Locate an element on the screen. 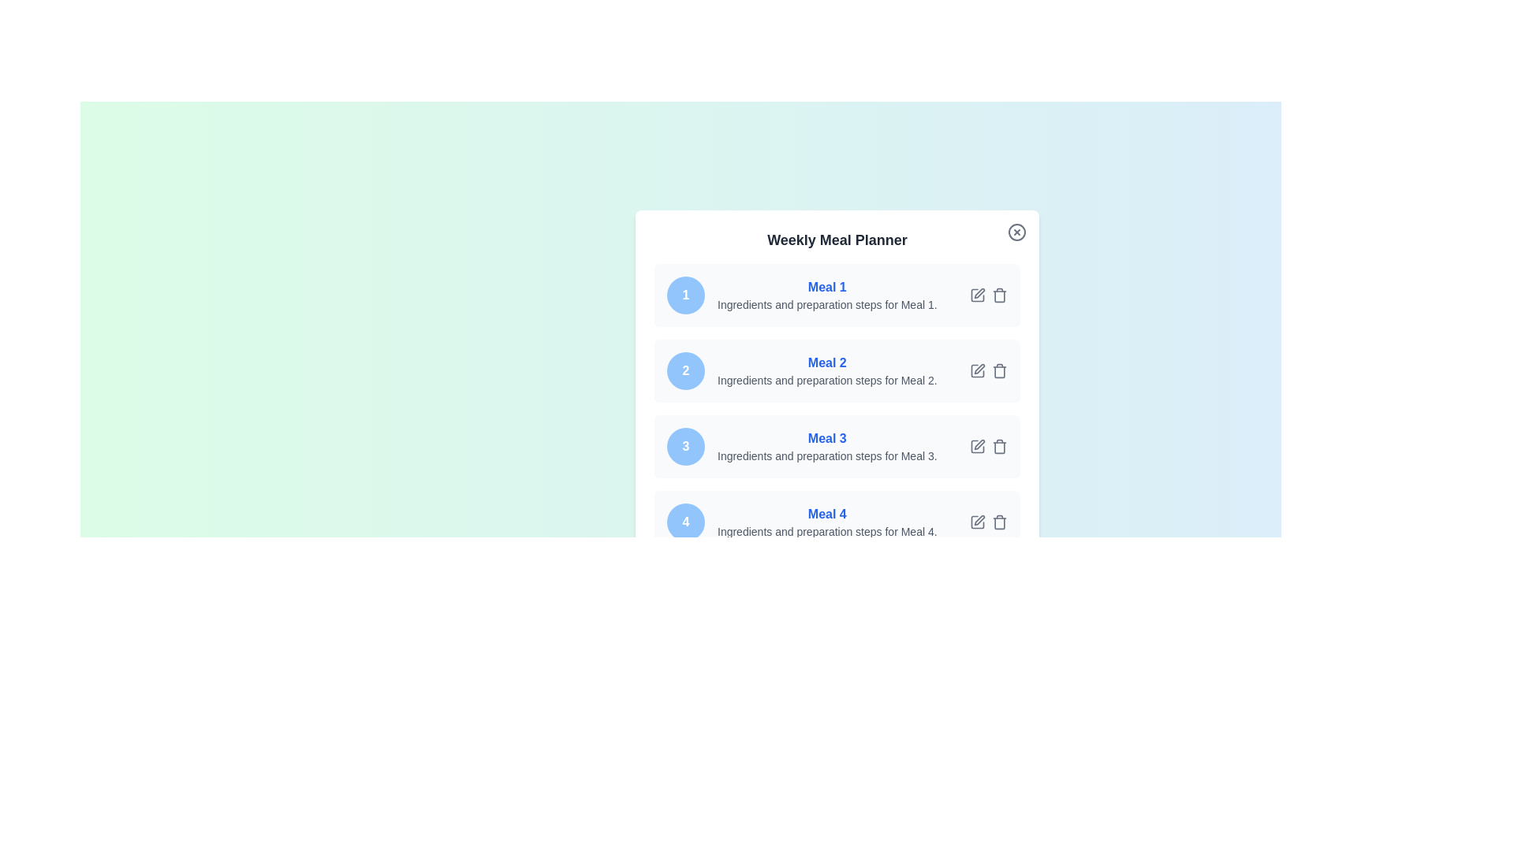  delete button for meal 4 is located at coordinates (998, 522).